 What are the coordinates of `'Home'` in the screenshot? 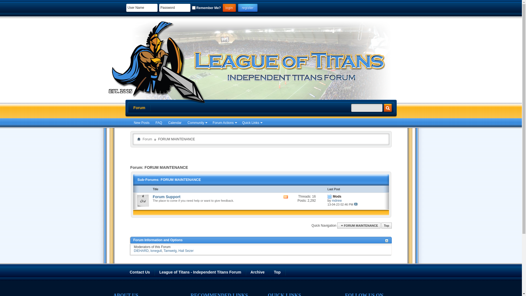 It's located at (138, 138).